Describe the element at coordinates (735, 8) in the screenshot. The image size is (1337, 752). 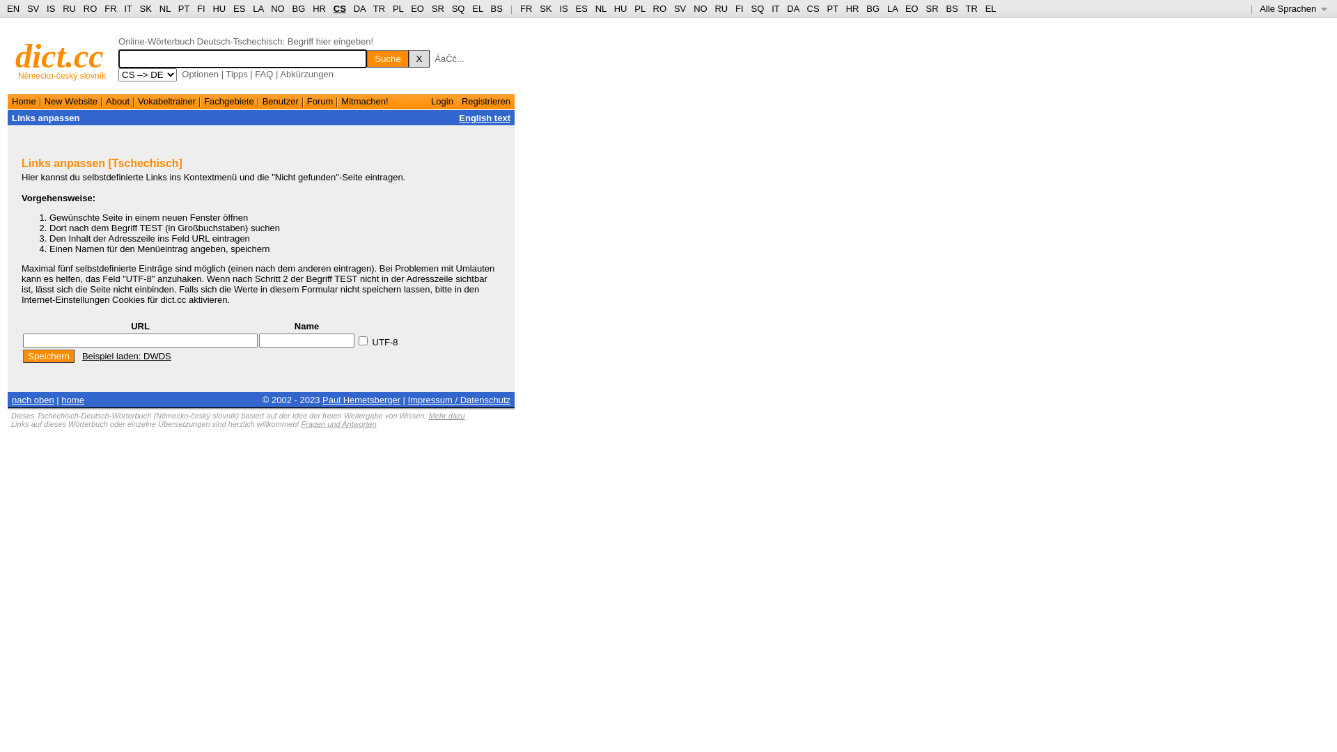
I see `'FI'` at that location.